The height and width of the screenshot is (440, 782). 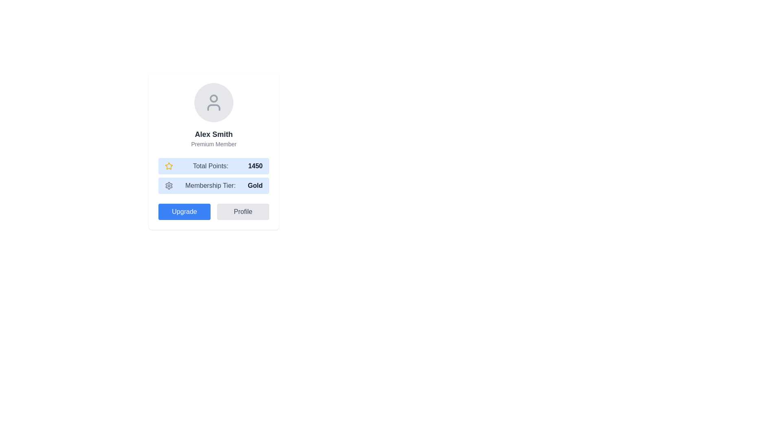 I want to click on the Static Text Label indicating the current membership status or tier of the user, located to the left of the text 'Gold', so click(x=210, y=185).